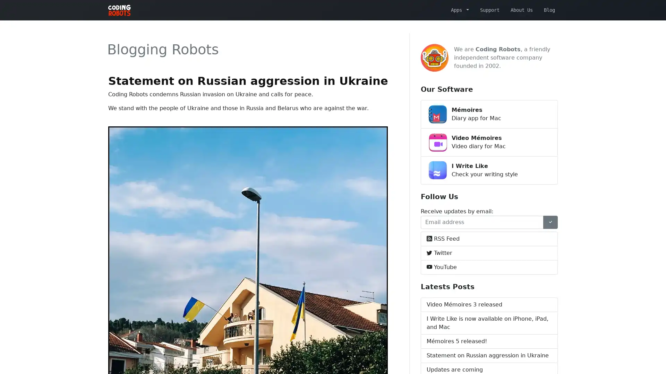 Image resolution: width=666 pixels, height=374 pixels. What do you see at coordinates (550, 222) in the screenshot?
I see `Subscribe` at bounding box center [550, 222].